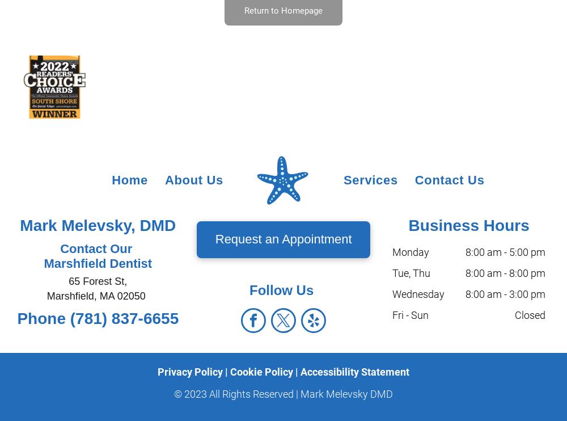 The width and height of the screenshot is (567, 421). Describe the element at coordinates (38, 405) in the screenshot. I see `'781-490-9251'` at that location.